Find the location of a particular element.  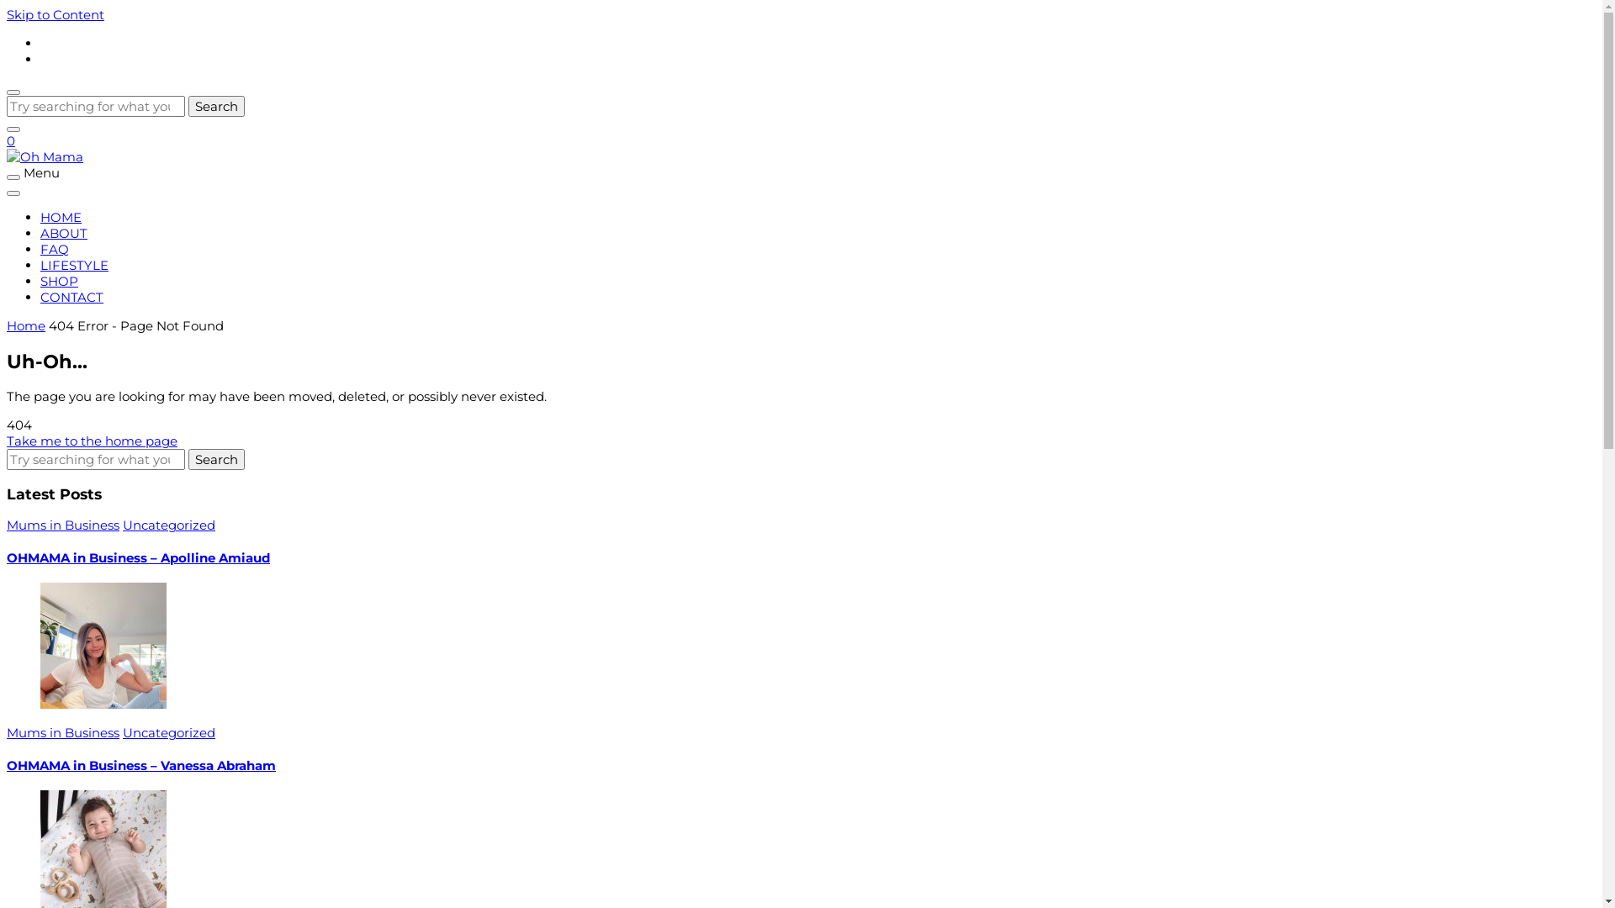

'Search' is located at coordinates (215, 106).